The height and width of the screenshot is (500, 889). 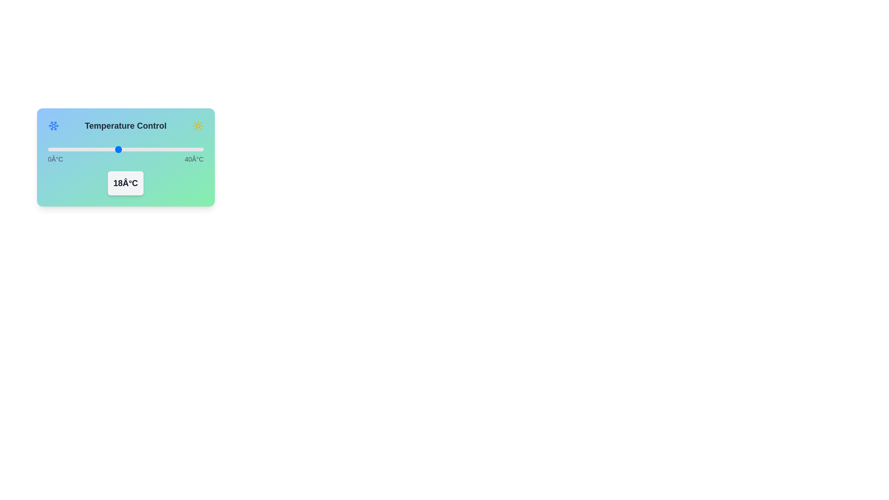 What do you see at coordinates (47, 149) in the screenshot?
I see `the temperature slider to 0°C to inspect the theme indicator` at bounding box center [47, 149].